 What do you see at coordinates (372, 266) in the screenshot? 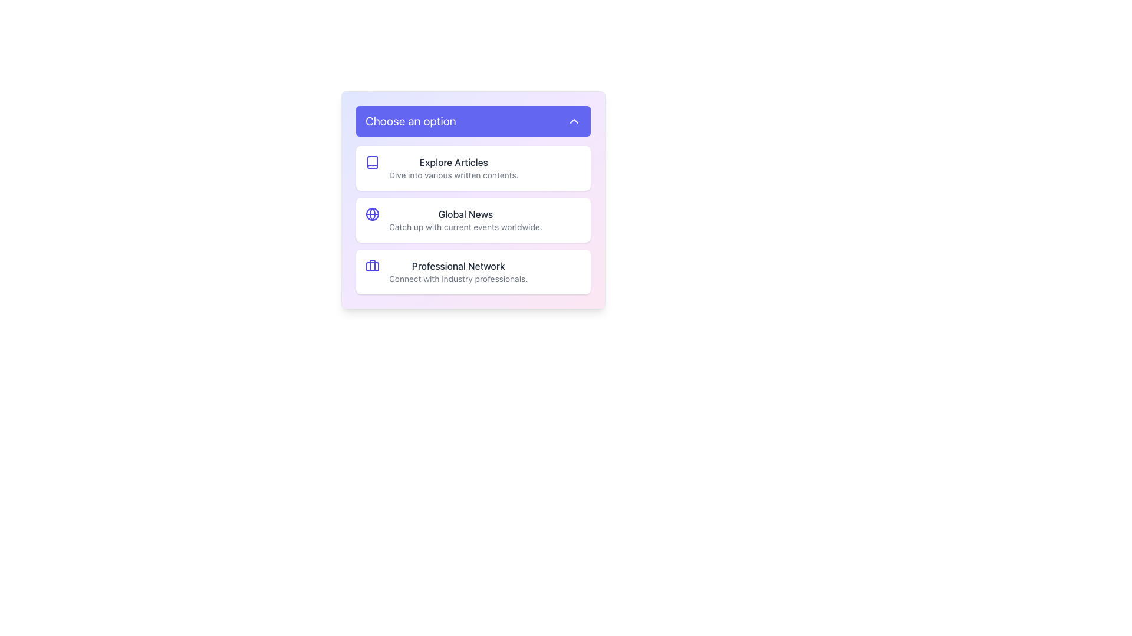
I see `the indigo-colored briefcase icon located to the left of the 'Professional Network' text within its card` at bounding box center [372, 266].